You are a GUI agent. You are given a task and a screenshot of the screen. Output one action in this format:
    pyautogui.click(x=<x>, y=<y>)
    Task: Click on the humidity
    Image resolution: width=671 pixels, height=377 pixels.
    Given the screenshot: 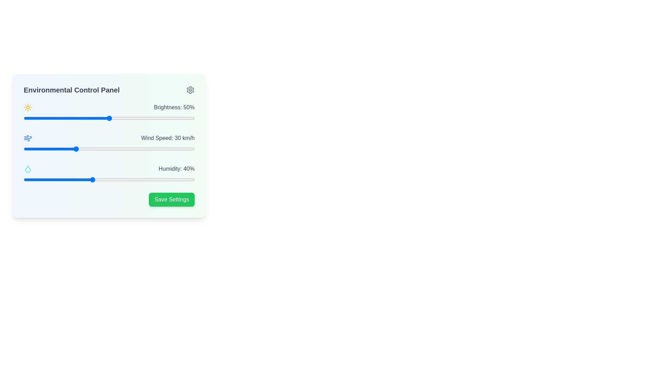 What is the action you would take?
    pyautogui.click(x=103, y=179)
    